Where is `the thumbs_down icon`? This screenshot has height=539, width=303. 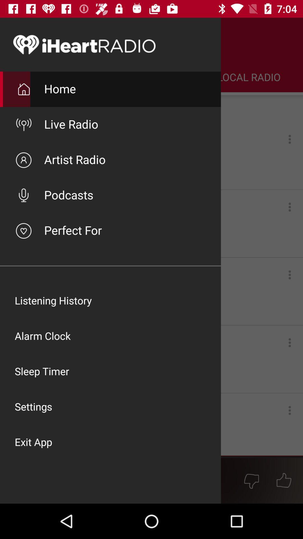 the thumbs_down icon is located at coordinates (251, 480).